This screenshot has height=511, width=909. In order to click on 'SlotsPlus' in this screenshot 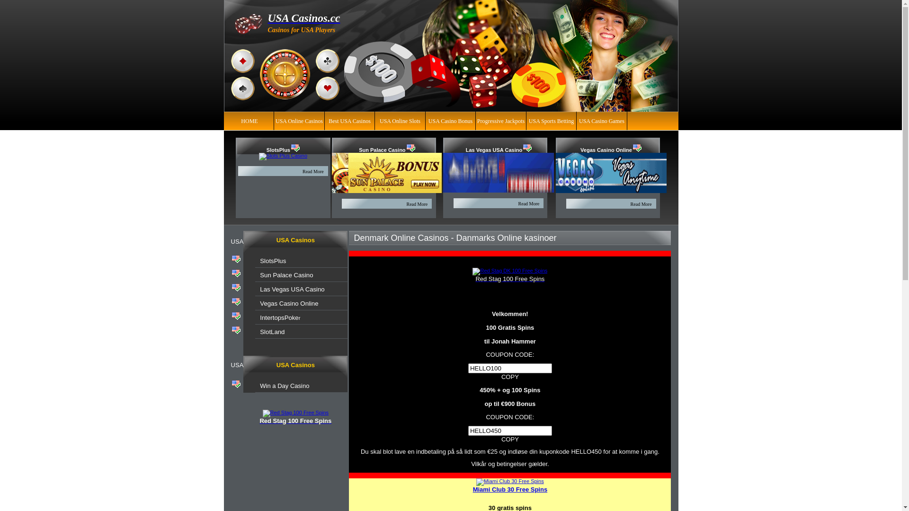, I will do `click(272, 261)`.